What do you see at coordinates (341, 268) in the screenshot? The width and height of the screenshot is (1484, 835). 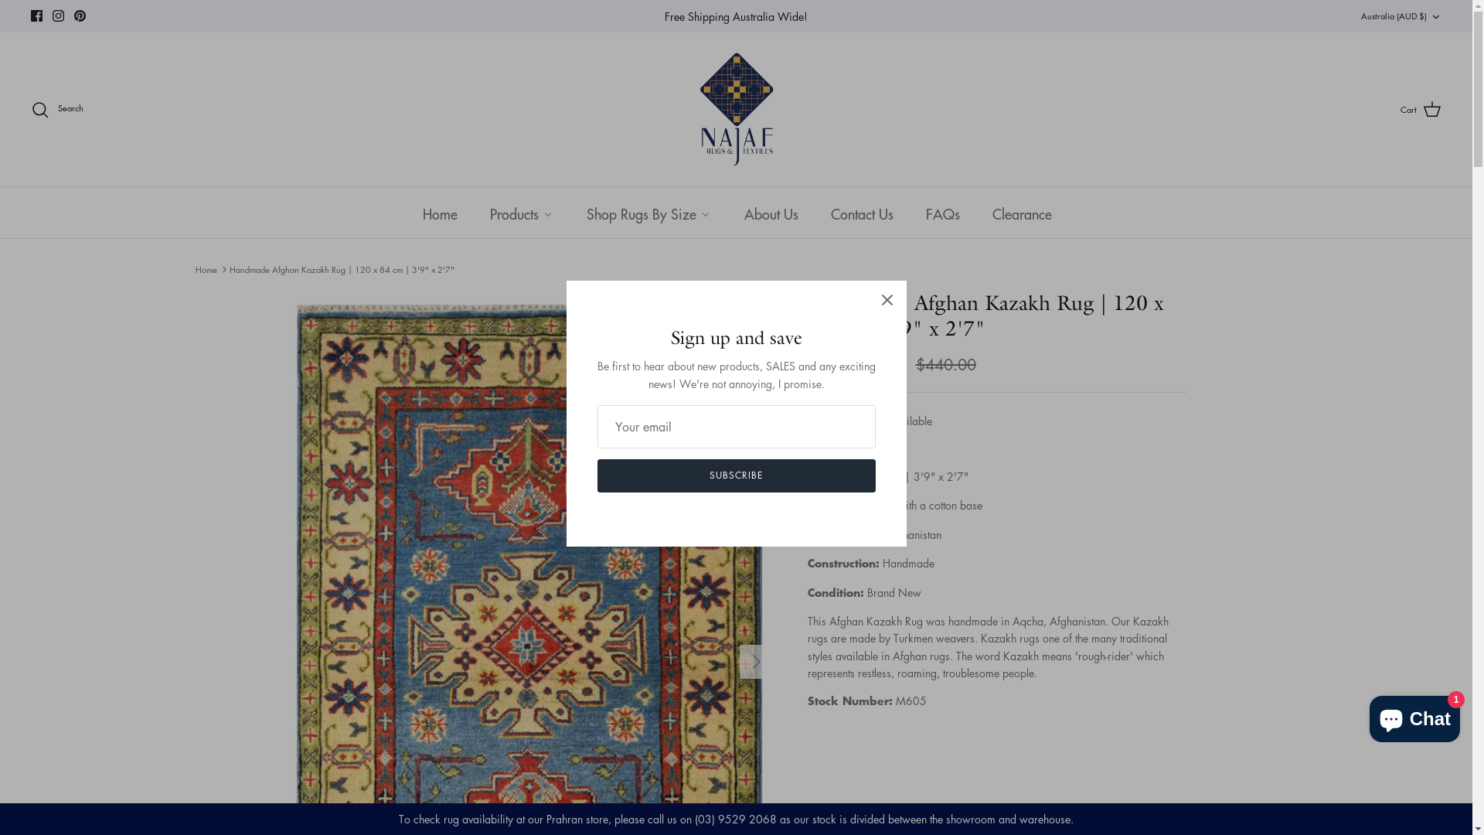 I see `'Handmade Afghan Kazakh Rug | 120 x 84 cm | 3'9" x 2'7"'` at bounding box center [341, 268].